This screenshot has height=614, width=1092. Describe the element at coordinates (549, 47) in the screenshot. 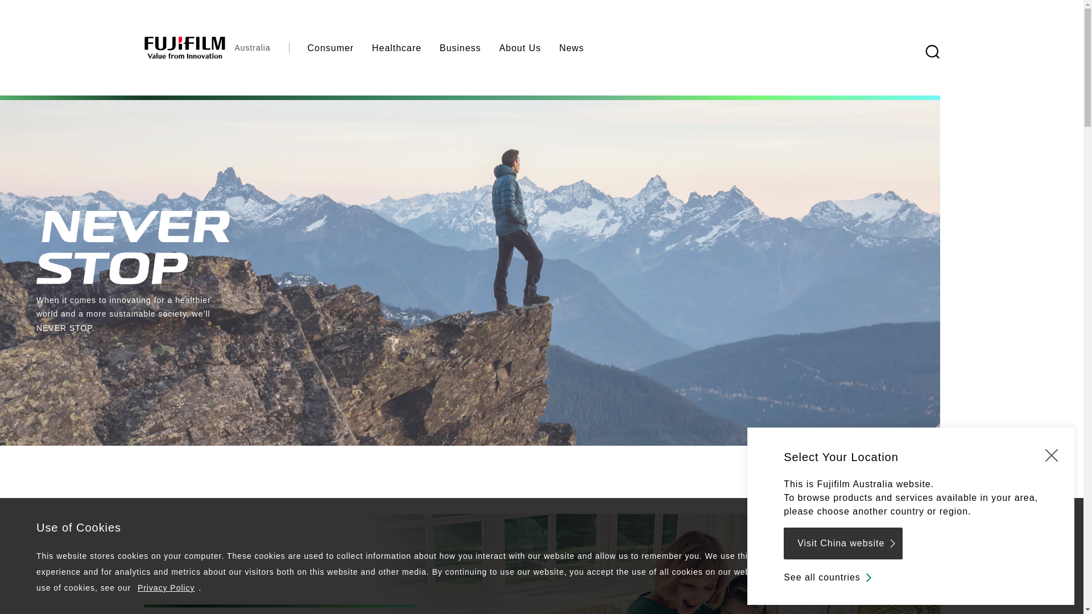

I see `'News'` at that location.